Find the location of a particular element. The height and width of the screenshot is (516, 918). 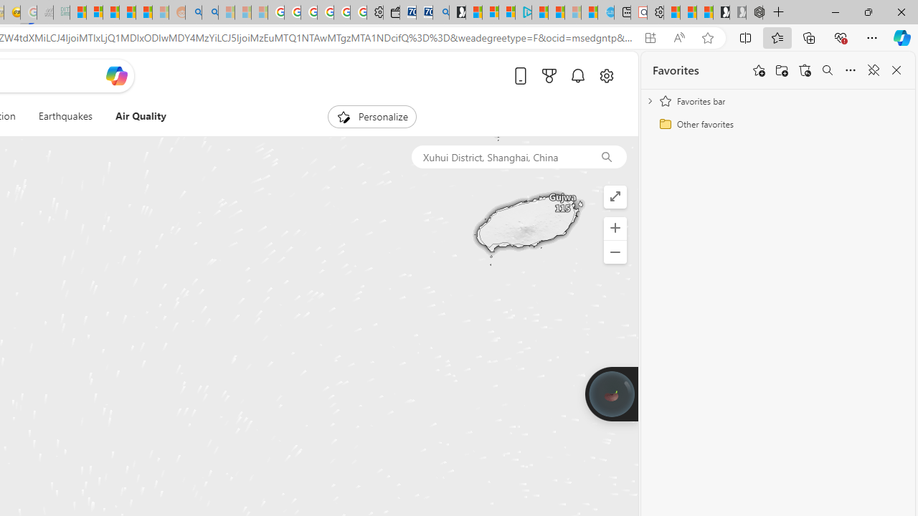

'Earthquakes' is located at coordinates (64, 116).